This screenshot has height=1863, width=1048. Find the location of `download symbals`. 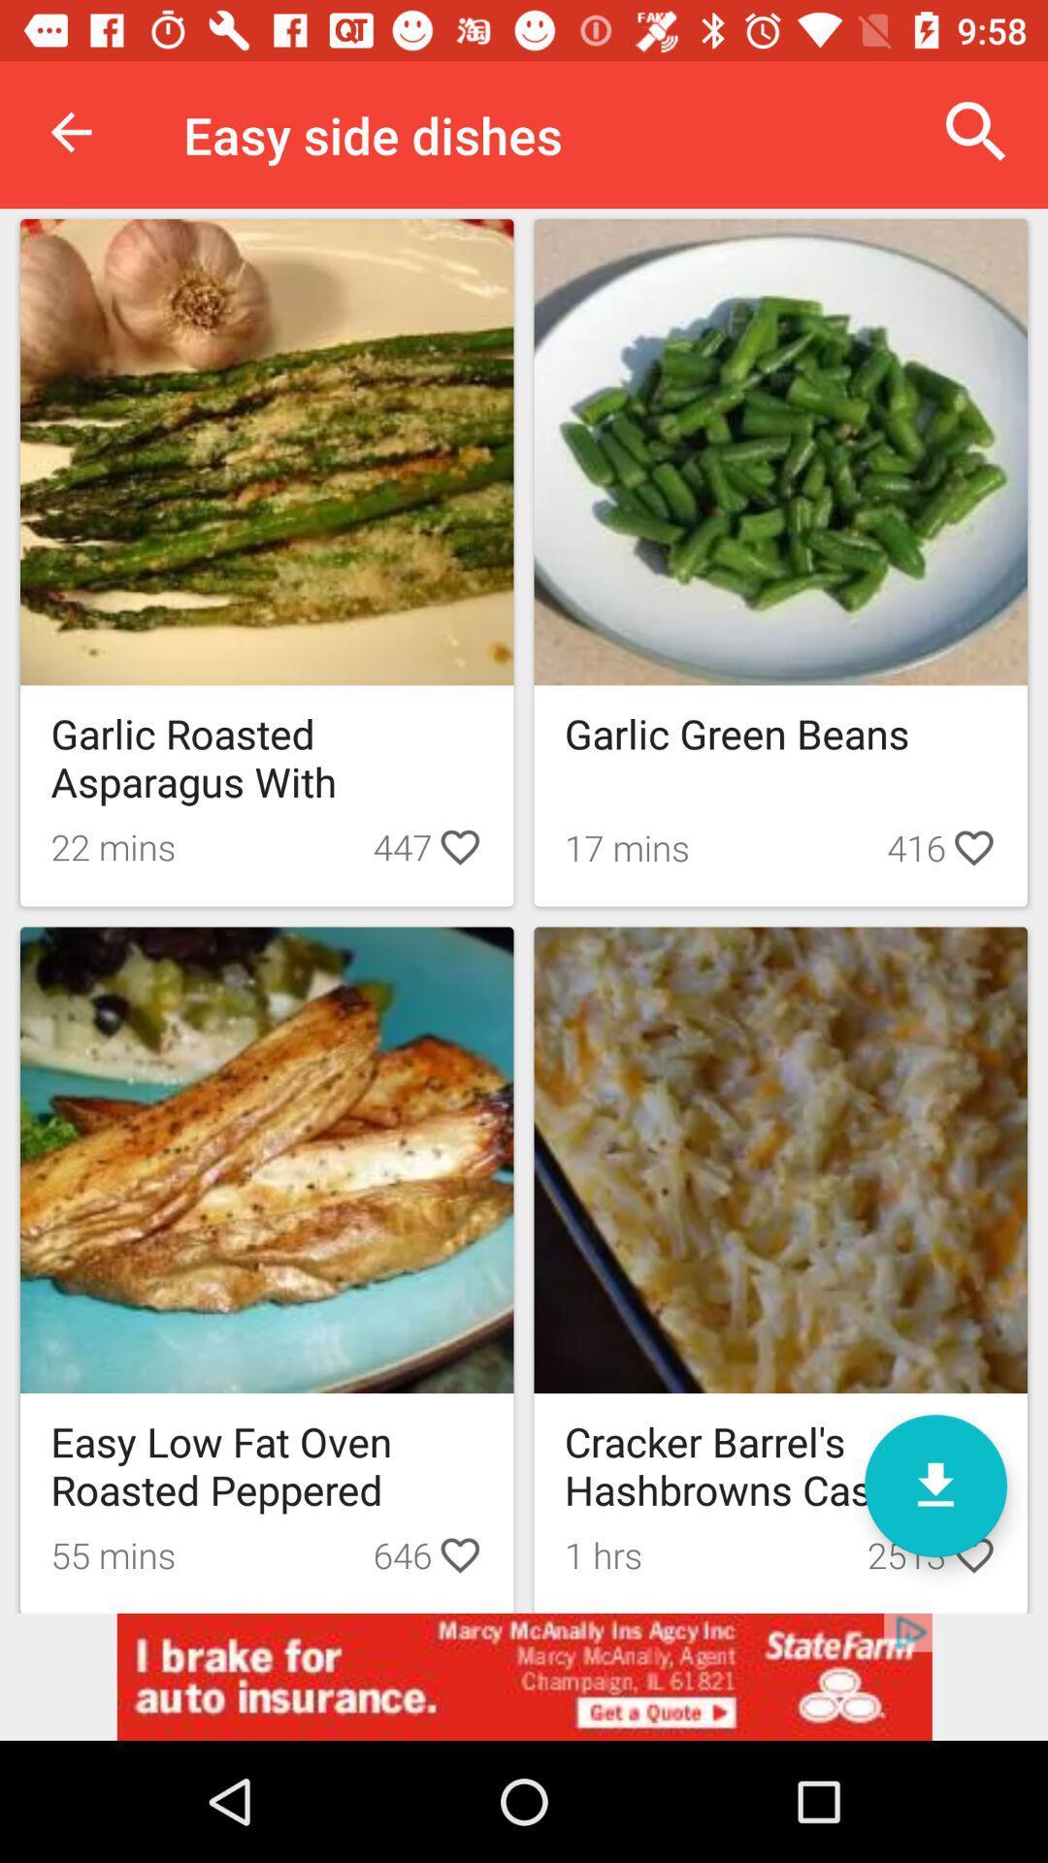

download symbals is located at coordinates (934, 1485).